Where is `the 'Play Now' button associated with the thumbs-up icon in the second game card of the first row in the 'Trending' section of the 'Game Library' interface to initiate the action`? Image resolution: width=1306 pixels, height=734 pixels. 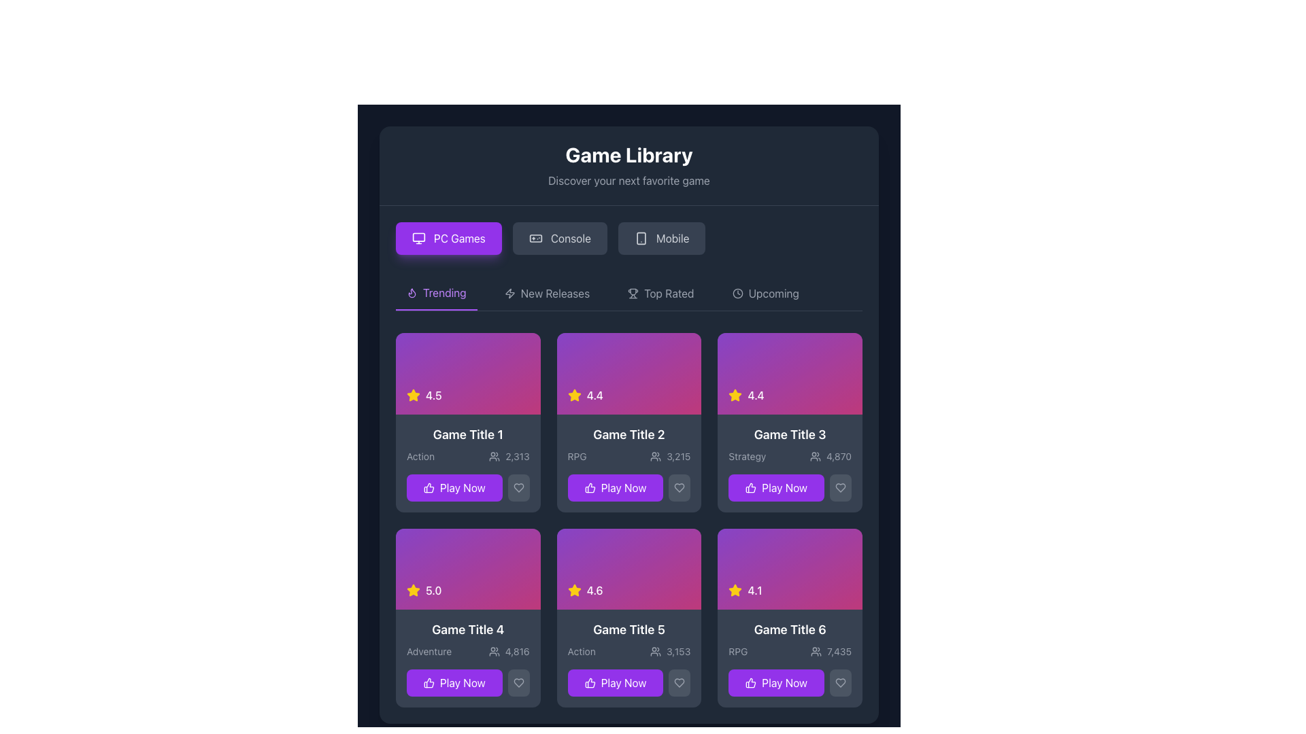
the 'Play Now' button associated with the thumbs-up icon in the second game card of the first row in the 'Trending' section of the 'Game Library' interface to initiate the action is located at coordinates (590, 487).